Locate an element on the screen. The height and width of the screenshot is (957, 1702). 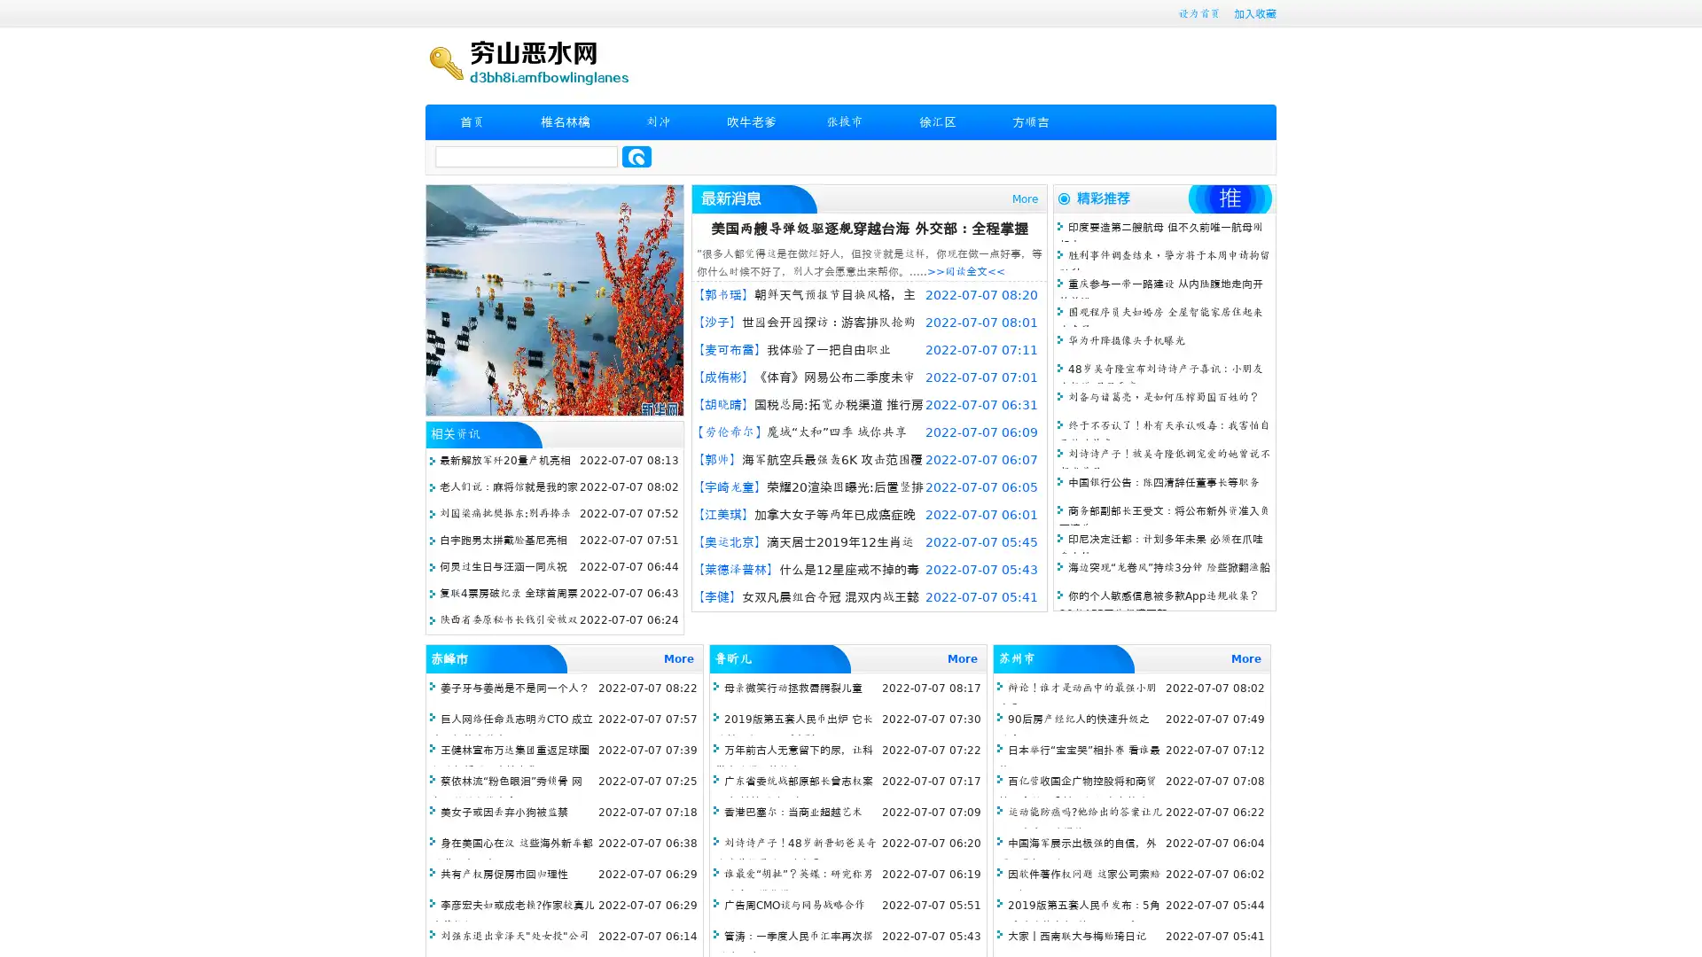
Search is located at coordinates (636, 156).